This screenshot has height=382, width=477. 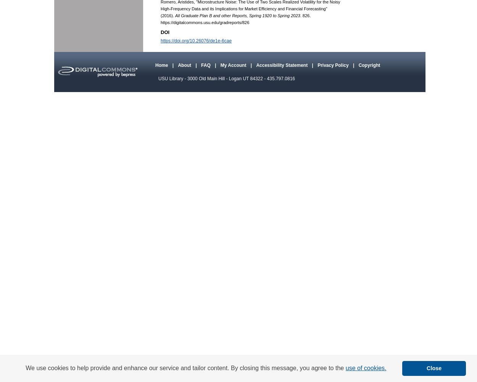 What do you see at coordinates (305, 16) in the screenshot?
I see `'.  826.'` at bounding box center [305, 16].